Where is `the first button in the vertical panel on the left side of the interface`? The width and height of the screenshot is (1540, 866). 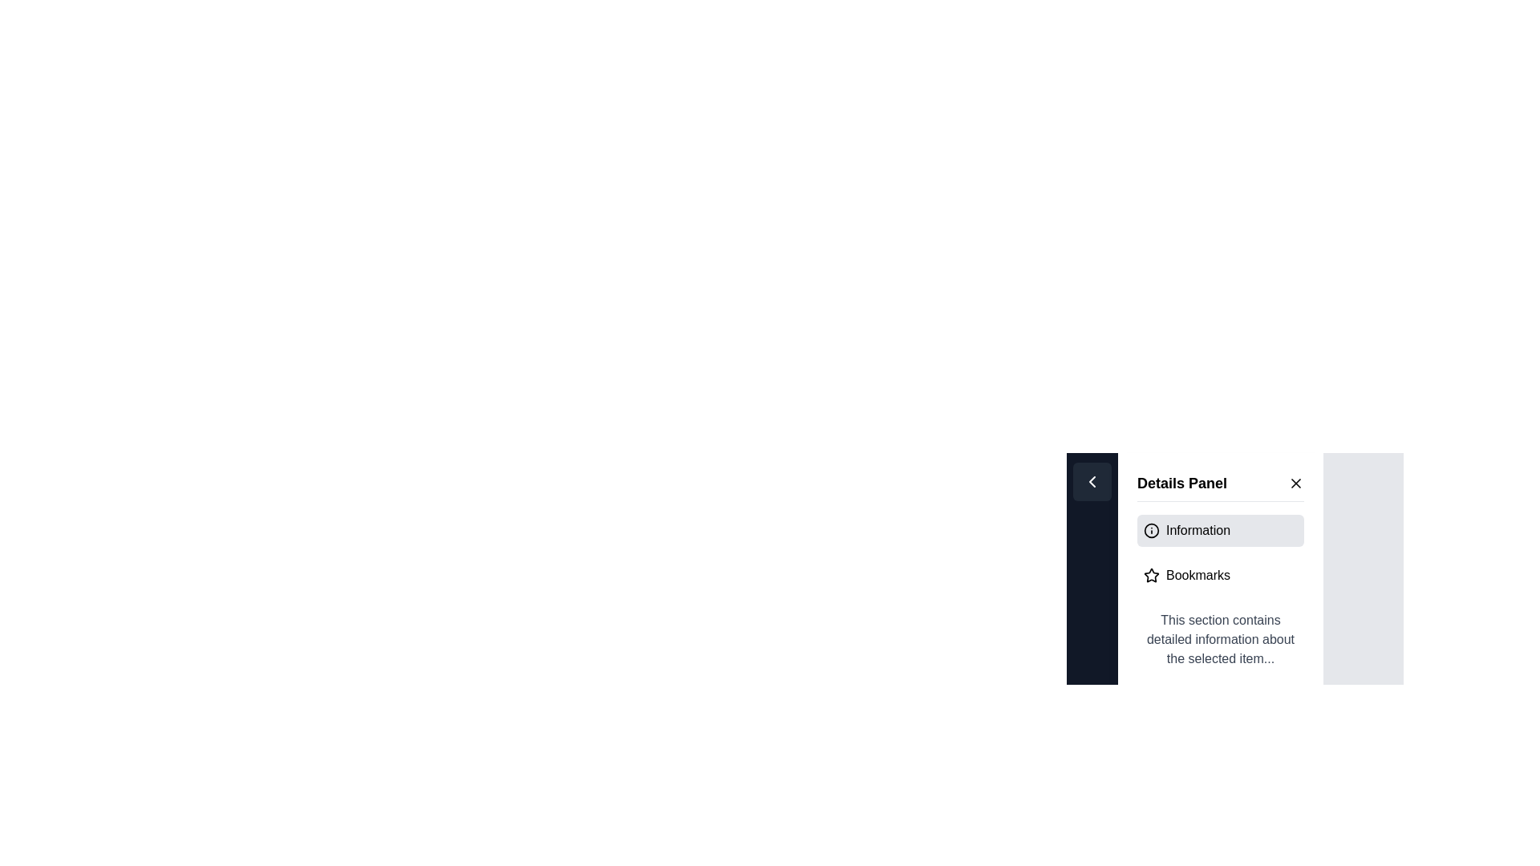
the first button in the vertical panel on the left side of the interface is located at coordinates (1092, 481).